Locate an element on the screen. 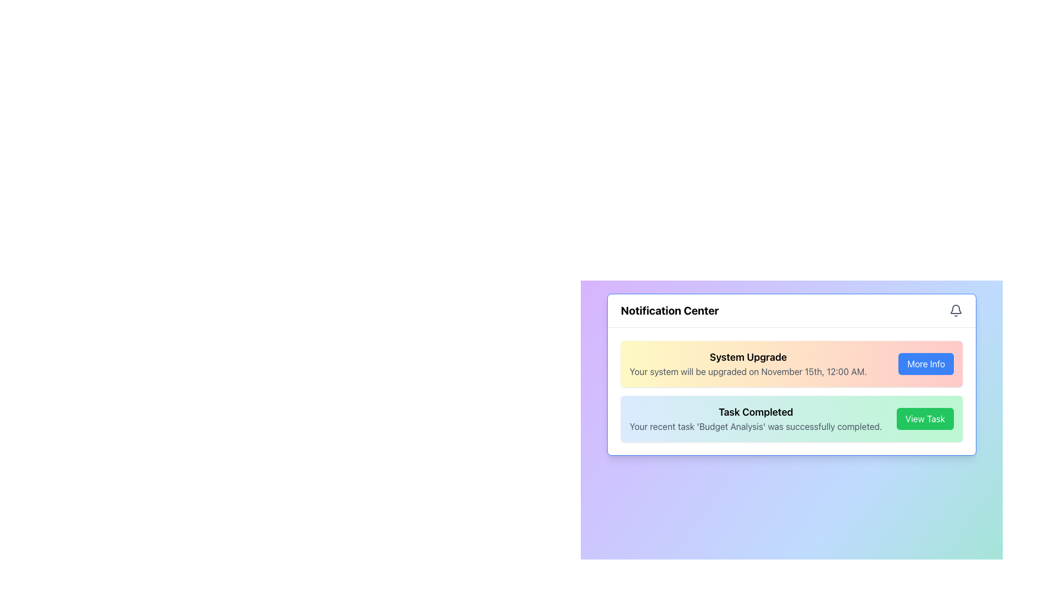  the notification icon located at the top right corner of the Notification Center, adjacent to the title text 'Notification Center' is located at coordinates (955, 311).